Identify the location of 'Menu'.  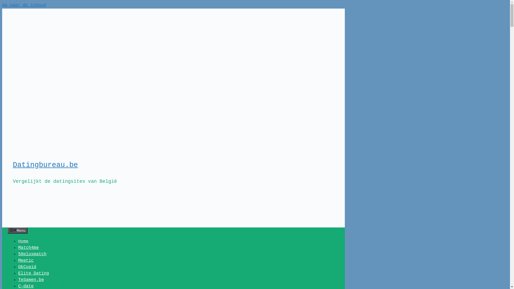
(17, 230).